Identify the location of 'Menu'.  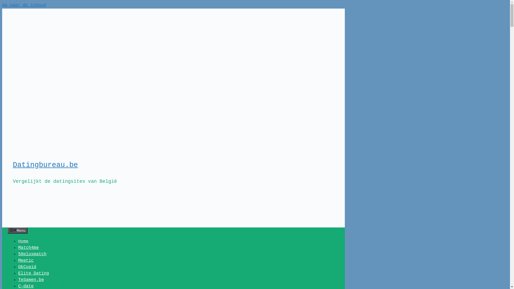
(17, 230).